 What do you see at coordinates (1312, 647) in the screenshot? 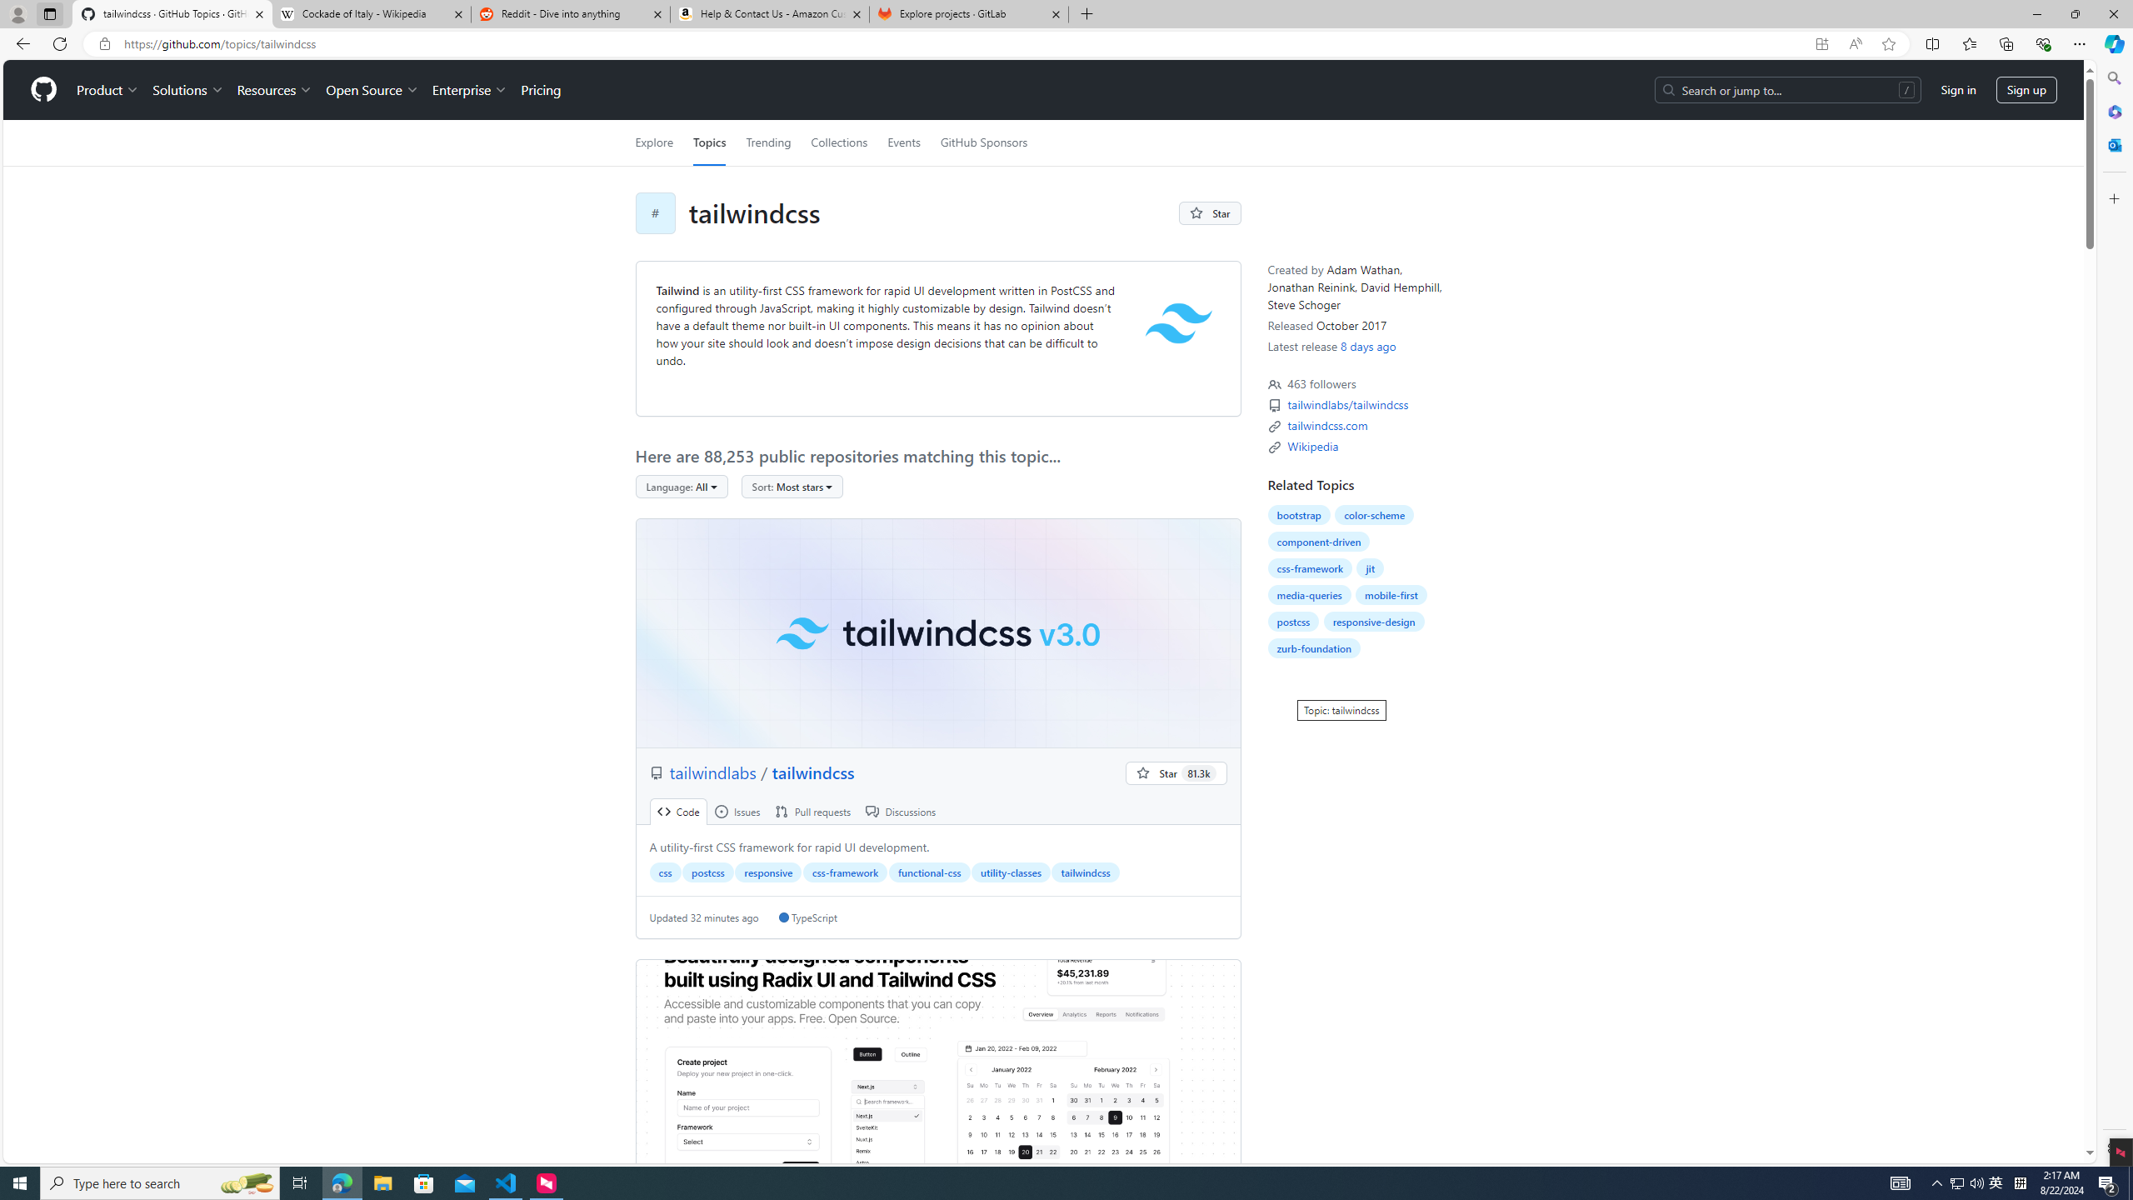
I see `'zurb-foundation'` at bounding box center [1312, 647].